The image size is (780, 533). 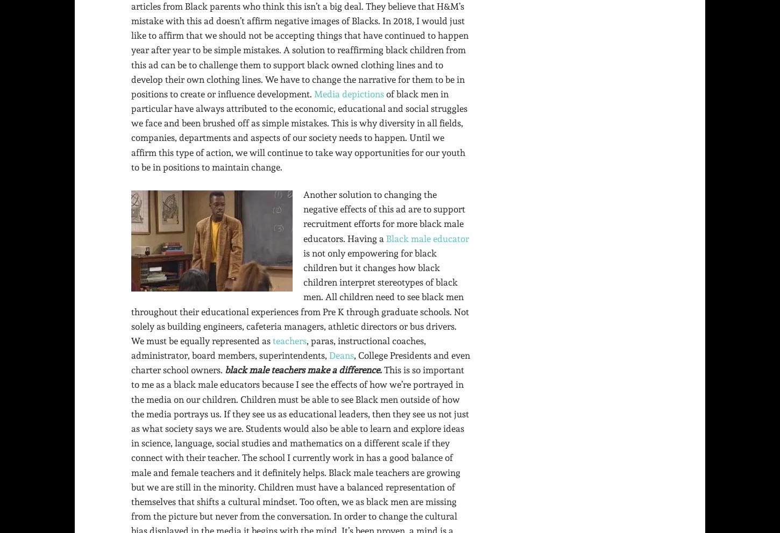 I want to click on ', paras, instructional coaches, administrator, board members, superintendents,', so click(x=278, y=347).